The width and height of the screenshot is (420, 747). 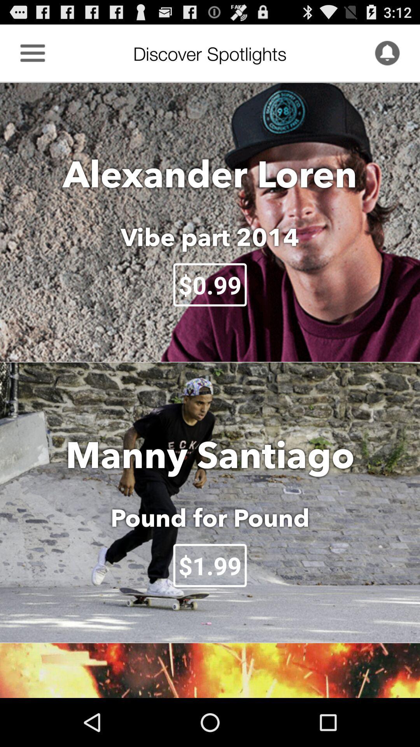 I want to click on the menu icon, so click(x=32, y=56).